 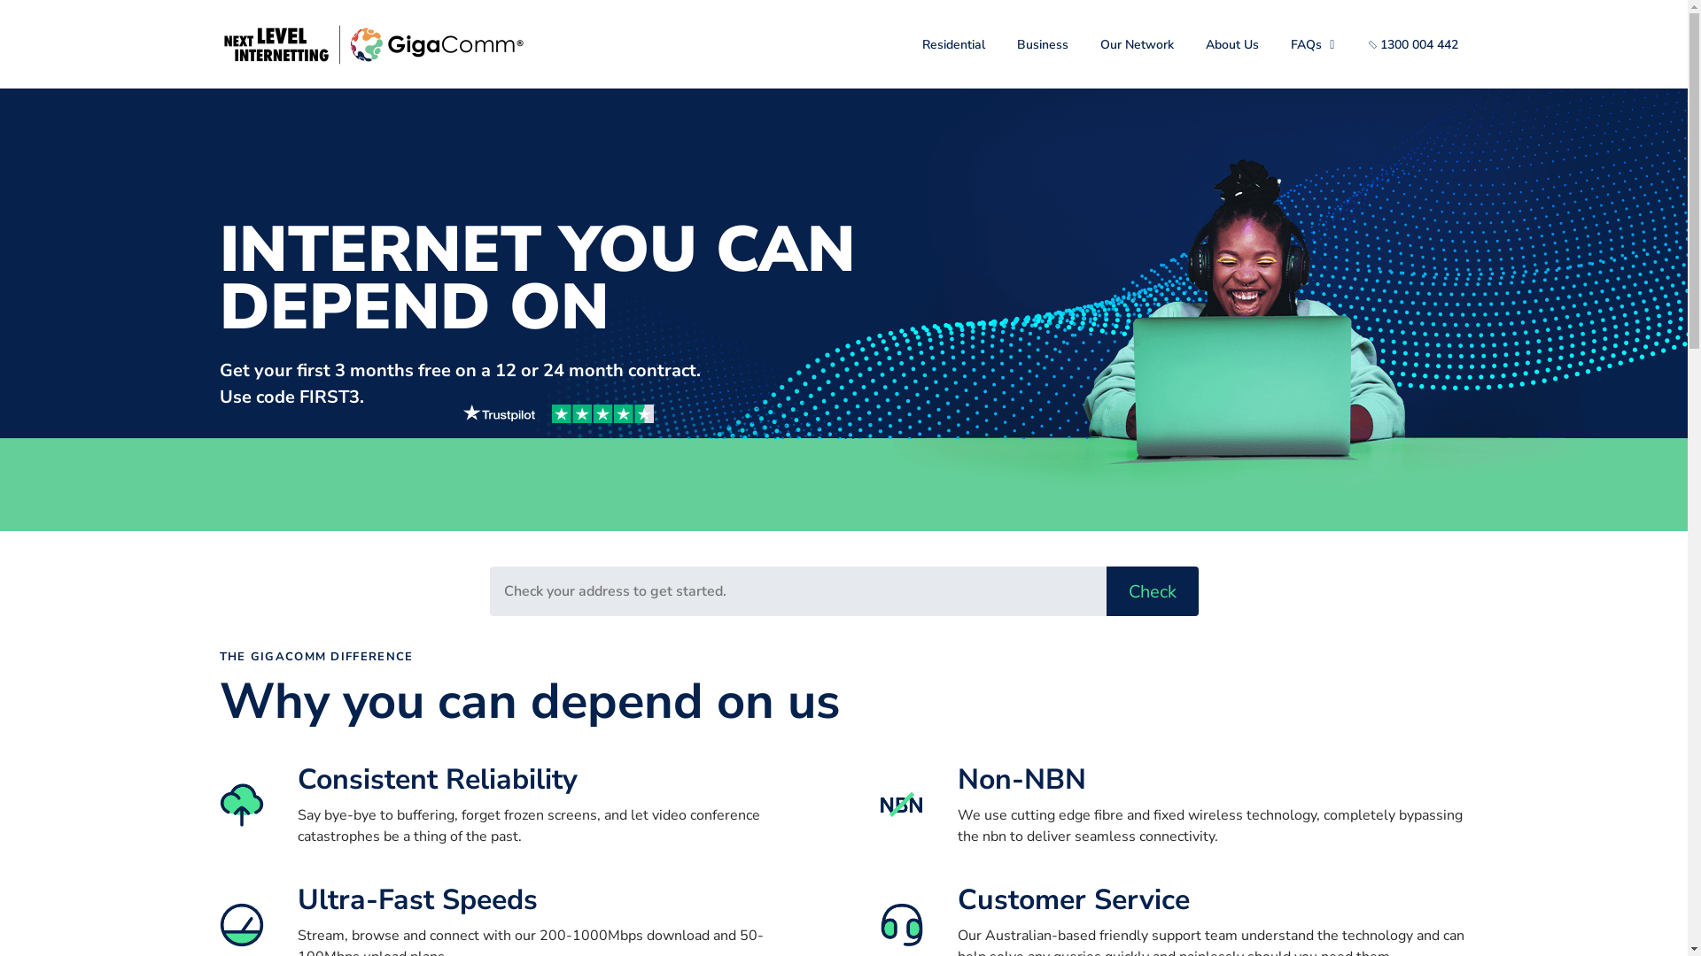 I want to click on 'Business', so click(x=1042, y=42).